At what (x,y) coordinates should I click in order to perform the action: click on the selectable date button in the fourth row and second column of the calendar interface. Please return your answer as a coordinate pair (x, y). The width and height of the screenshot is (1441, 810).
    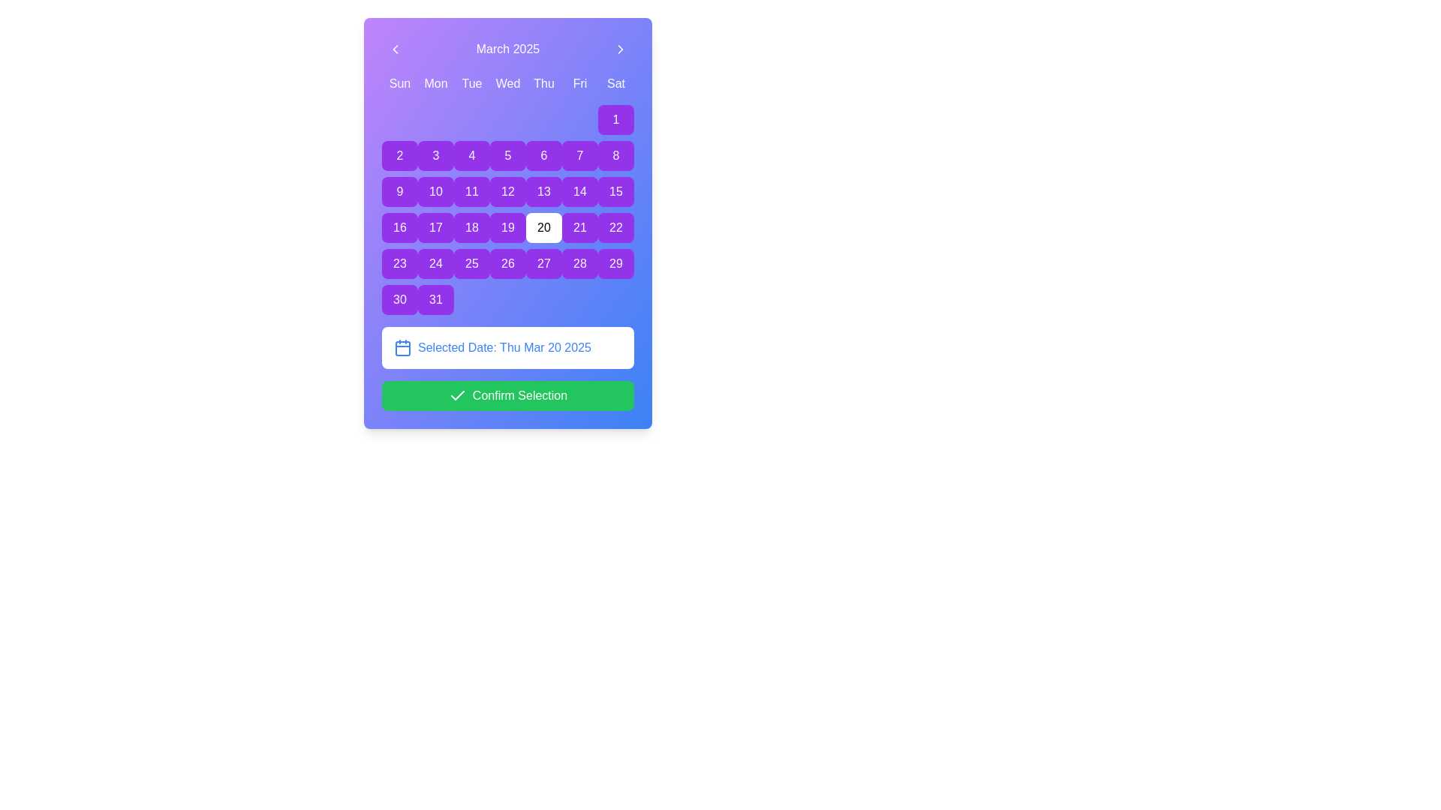
    Looking at the image, I should click on (435, 262).